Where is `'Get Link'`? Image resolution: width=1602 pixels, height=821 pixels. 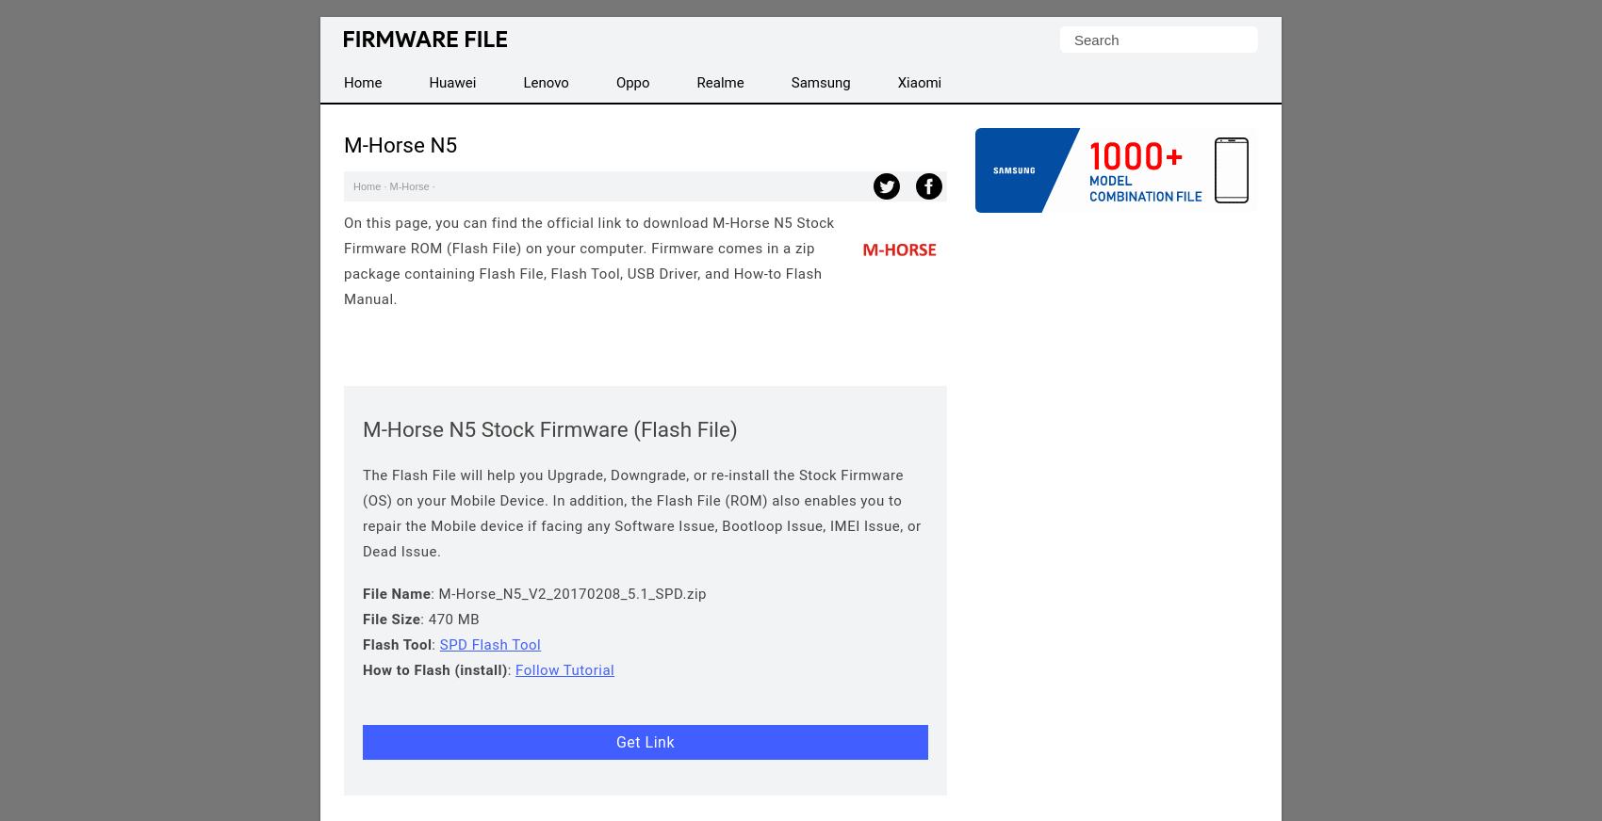 'Get Link' is located at coordinates (614, 742).